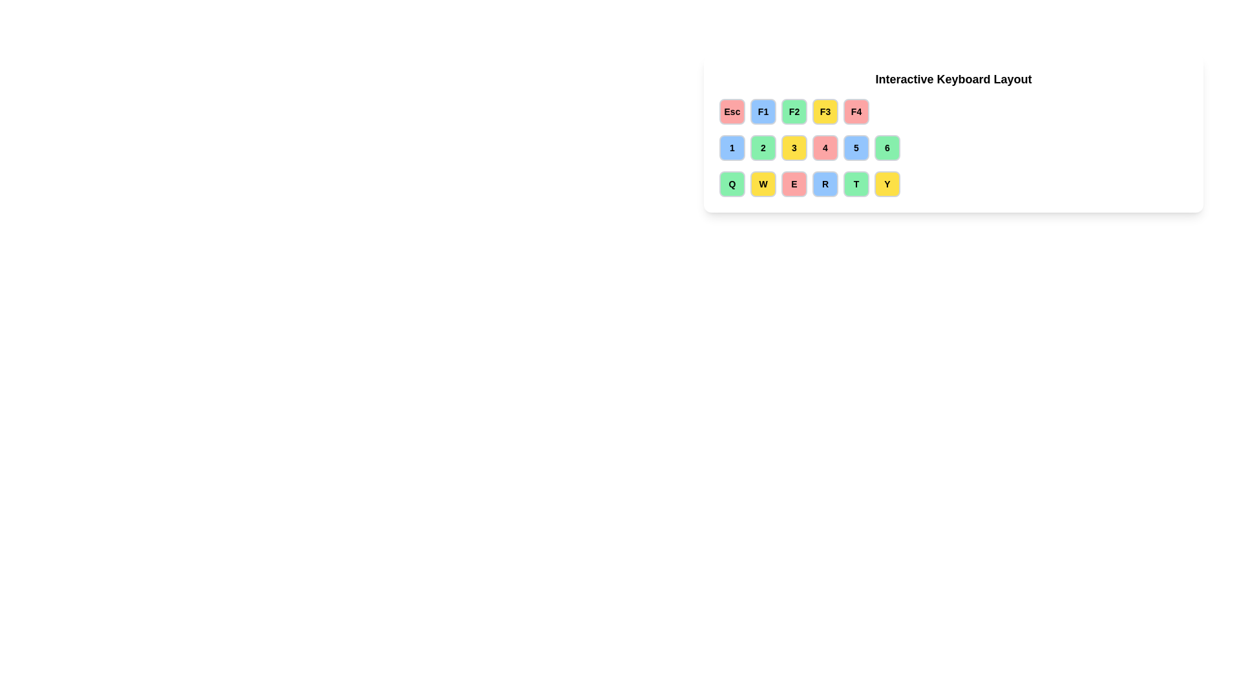 The width and height of the screenshot is (1241, 698). What do you see at coordinates (763, 147) in the screenshot?
I see `the square-shaped button with a light green background and a thick gray border containing the bold black numeral '2', which is positioned between buttons '1' and '3'` at bounding box center [763, 147].